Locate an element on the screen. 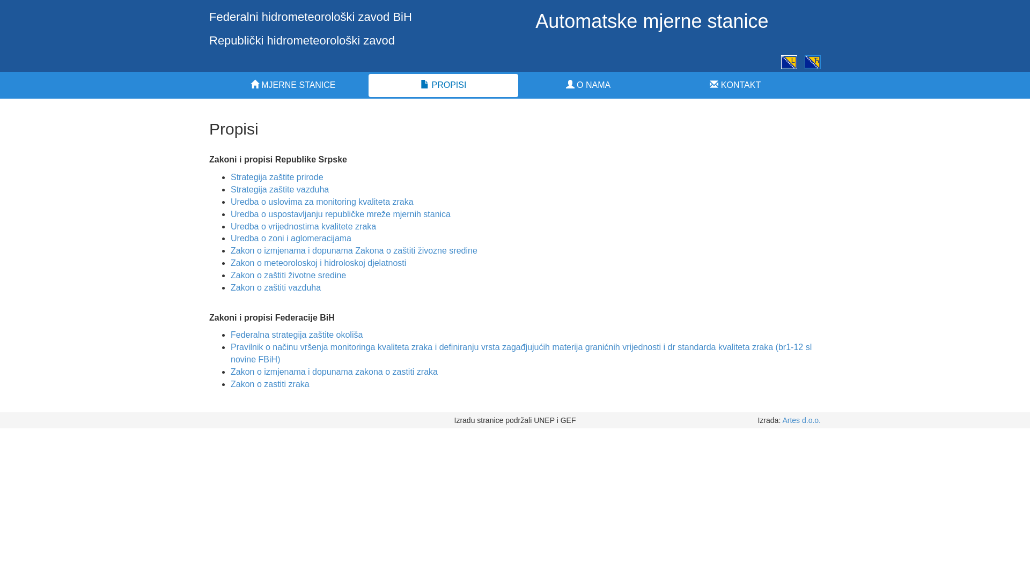 Image resolution: width=1030 pixels, height=579 pixels. 'Uredba o uslovima za monitoring kvaliteta zraka' is located at coordinates (321, 202).